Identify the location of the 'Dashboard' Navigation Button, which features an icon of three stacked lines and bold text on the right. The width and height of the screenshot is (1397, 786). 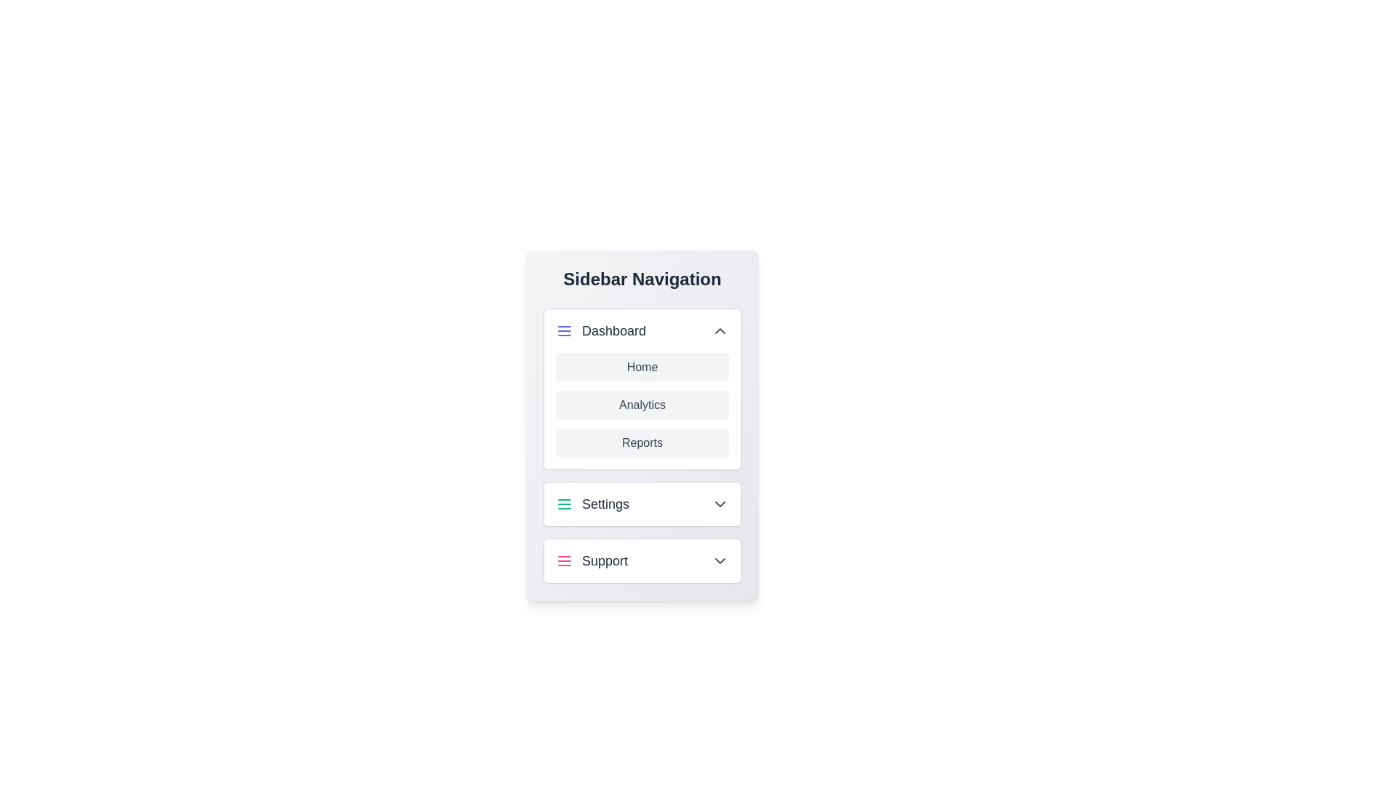
(600, 331).